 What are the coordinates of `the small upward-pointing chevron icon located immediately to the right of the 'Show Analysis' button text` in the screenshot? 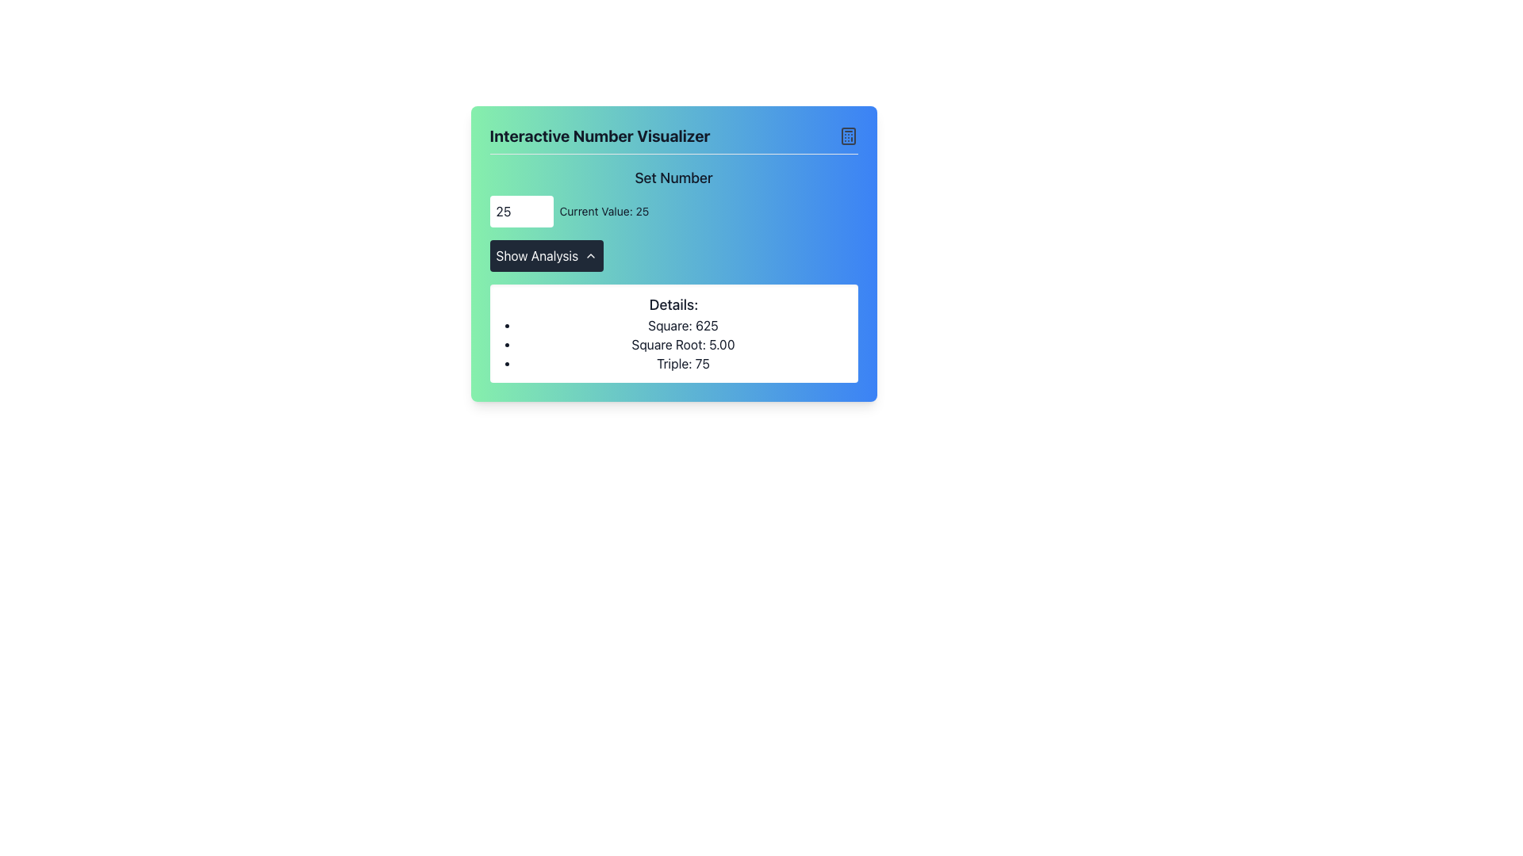 It's located at (590, 255).